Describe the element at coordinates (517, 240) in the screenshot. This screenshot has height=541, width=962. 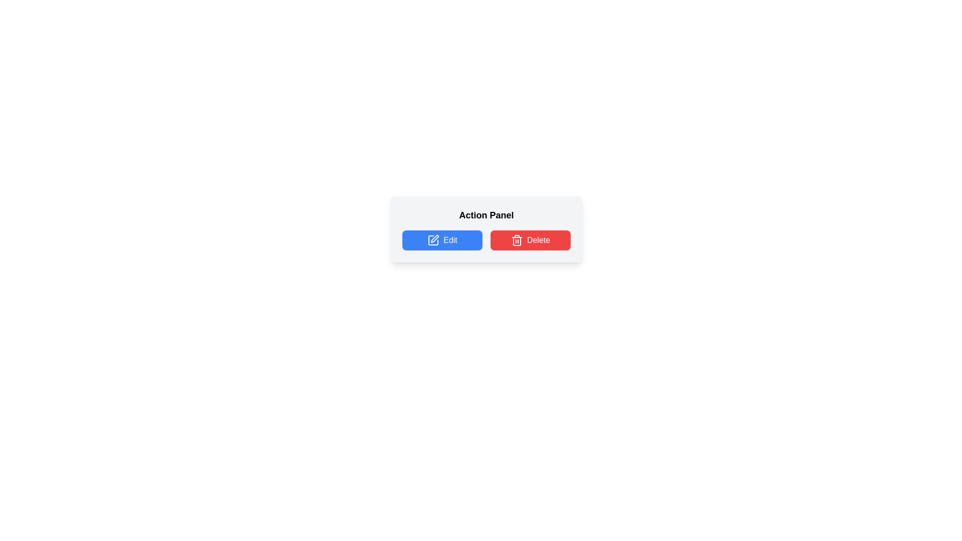
I see `the trash can icon with a red background located within the 'Delete' button on the right side of the button group under the 'Action Panel'` at that location.